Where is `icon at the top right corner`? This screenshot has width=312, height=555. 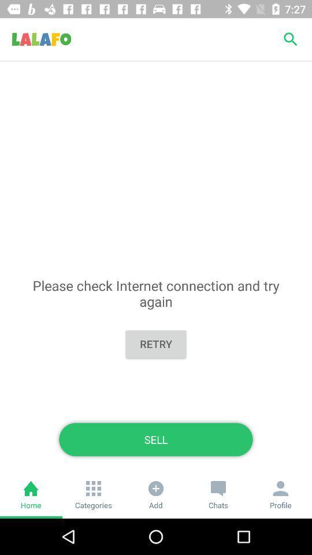 icon at the top right corner is located at coordinates (290, 39).